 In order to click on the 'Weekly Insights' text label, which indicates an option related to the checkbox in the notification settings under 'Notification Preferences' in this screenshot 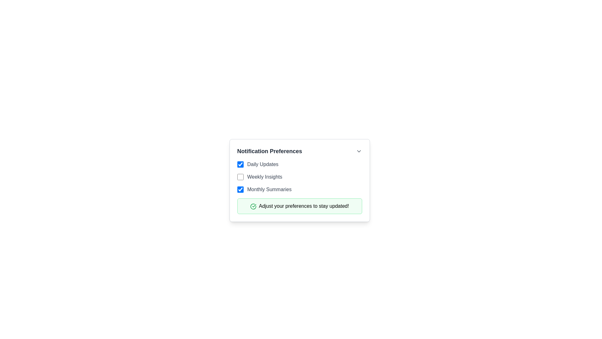, I will do `click(265, 177)`.